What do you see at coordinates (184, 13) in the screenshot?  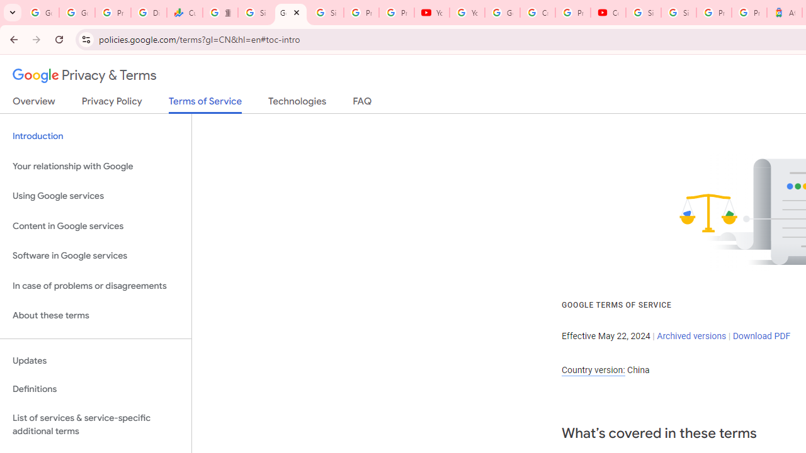 I see `'Currencies - Google Finance'` at bounding box center [184, 13].